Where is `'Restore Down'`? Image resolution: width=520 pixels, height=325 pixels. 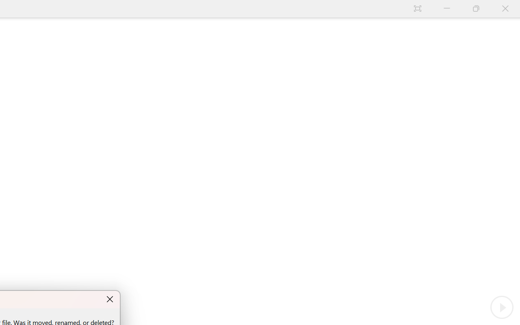
'Restore Down' is located at coordinates (491, 7).